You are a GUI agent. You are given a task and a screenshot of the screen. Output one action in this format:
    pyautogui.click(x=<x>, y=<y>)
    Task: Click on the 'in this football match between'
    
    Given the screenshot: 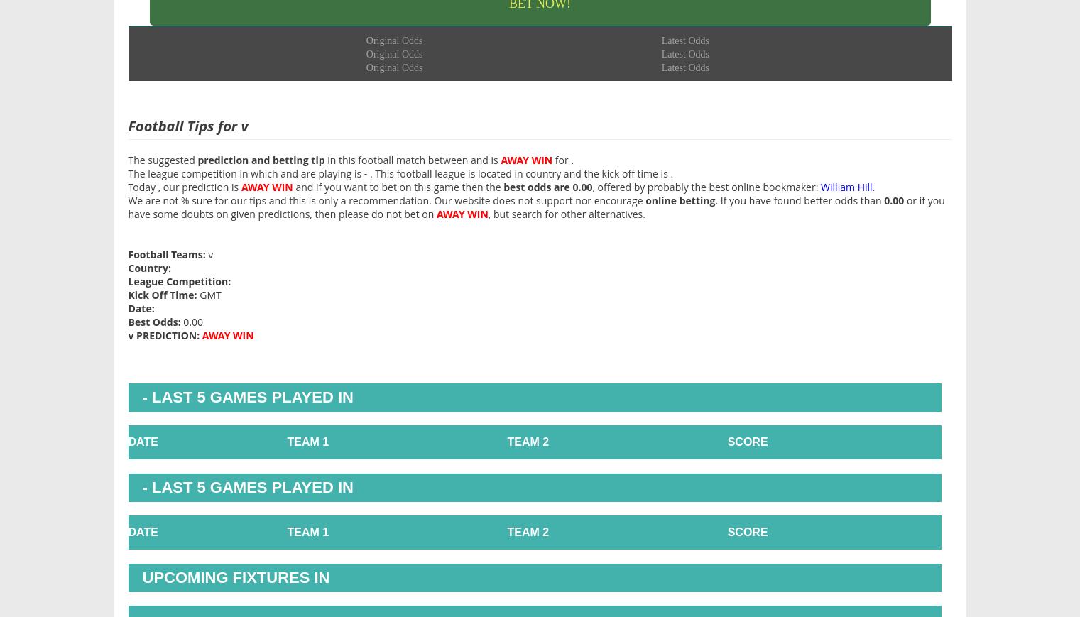 What is the action you would take?
    pyautogui.click(x=396, y=158)
    